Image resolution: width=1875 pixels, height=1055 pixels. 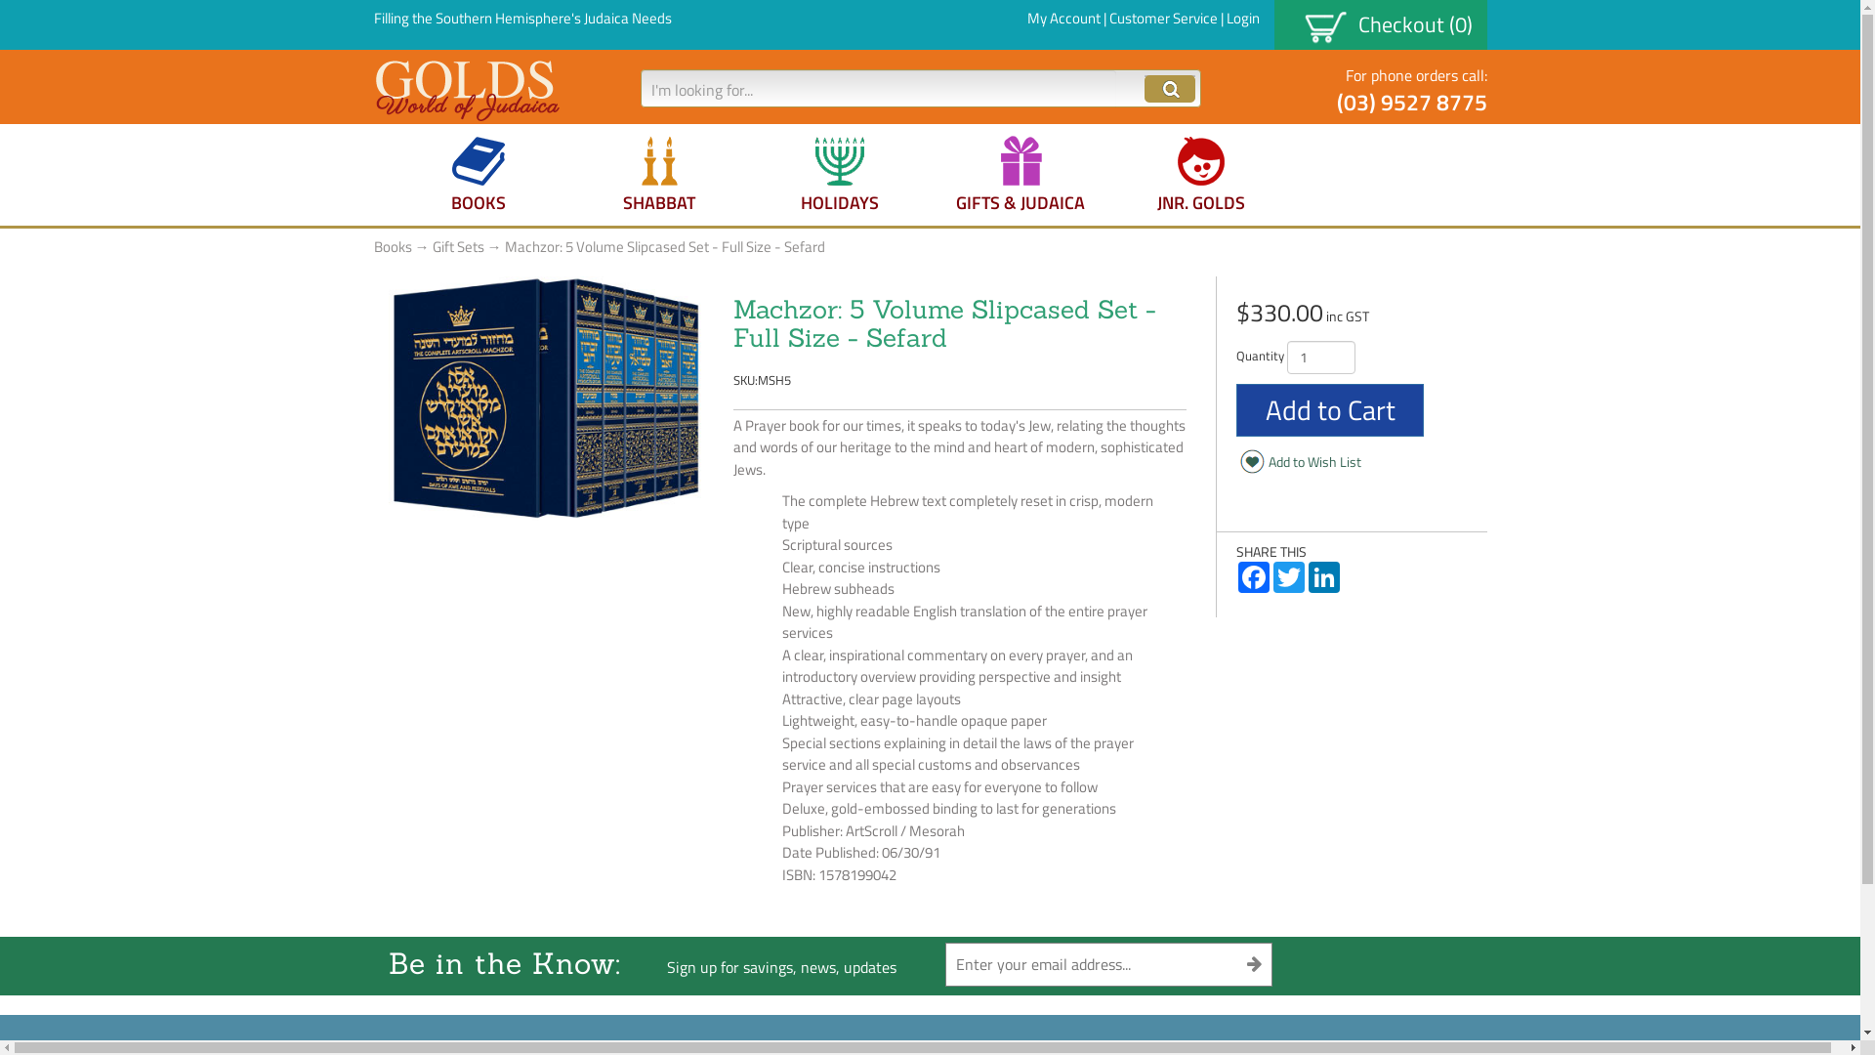 What do you see at coordinates (1253, 575) in the screenshot?
I see `'Facebook'` at bounding box center [1253, 575].